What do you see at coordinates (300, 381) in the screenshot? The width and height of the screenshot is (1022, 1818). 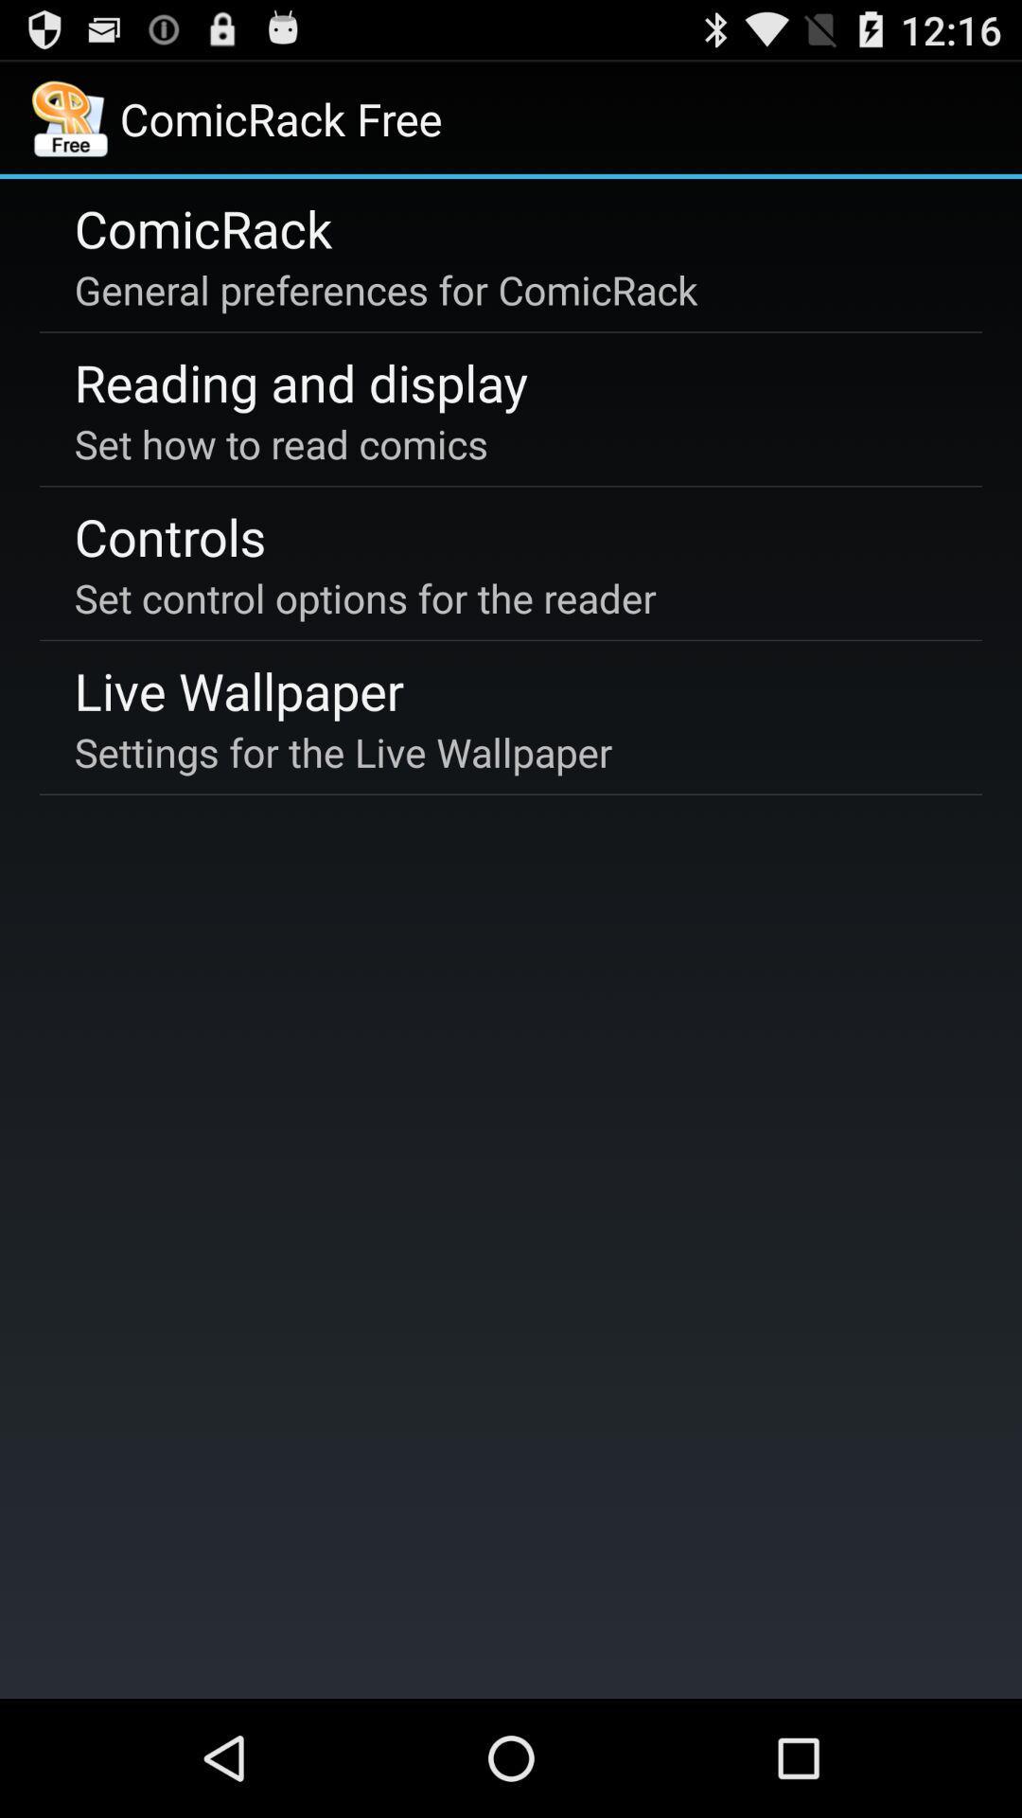 I see `app below the general preferences for item` at bounding box center [300, 381].